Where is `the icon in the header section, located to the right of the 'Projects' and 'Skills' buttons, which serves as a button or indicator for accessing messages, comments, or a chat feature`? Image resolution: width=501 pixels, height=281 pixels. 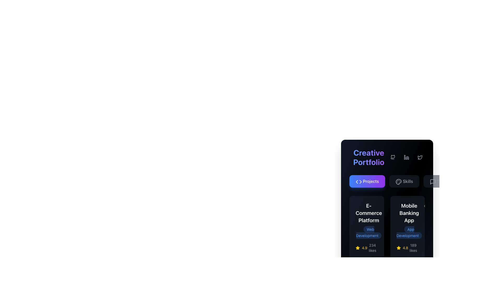
the icon in the header section, located to the right of the 'Projects' and 'Skills' buttons, which serves as a button or indicator for accessing messages, comments, or a chat feature is located at coordinates (433, 181).